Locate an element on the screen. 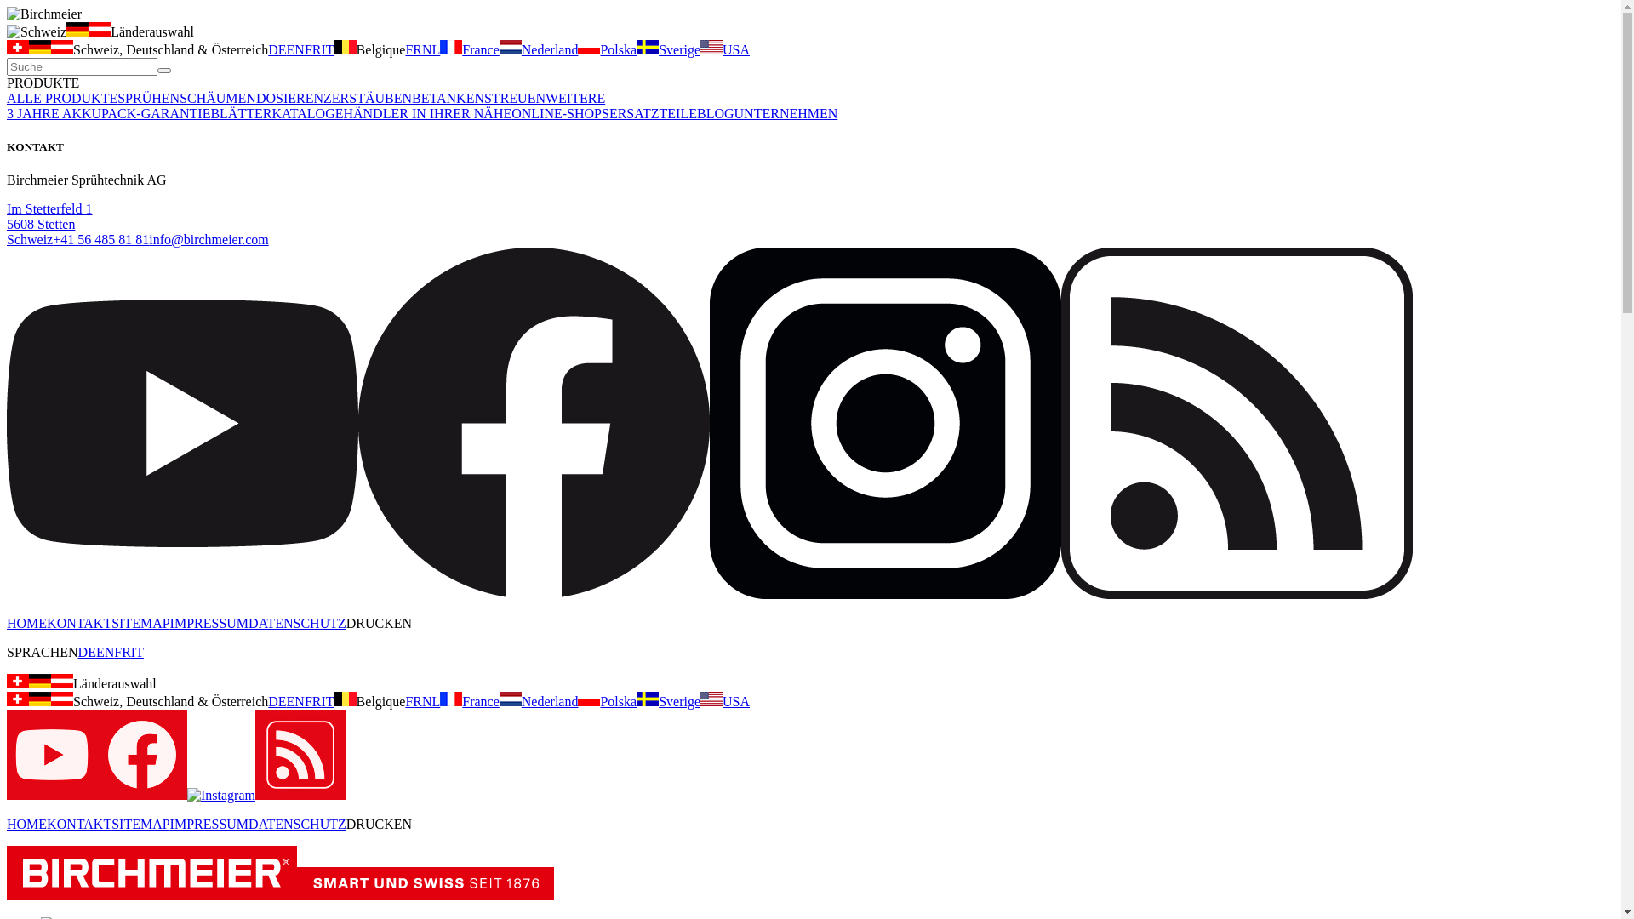 Image resolution: width=1634 pixels, height=919 pixels. 'Im Stetterfeld 1 is located at coordinates (49, 223).